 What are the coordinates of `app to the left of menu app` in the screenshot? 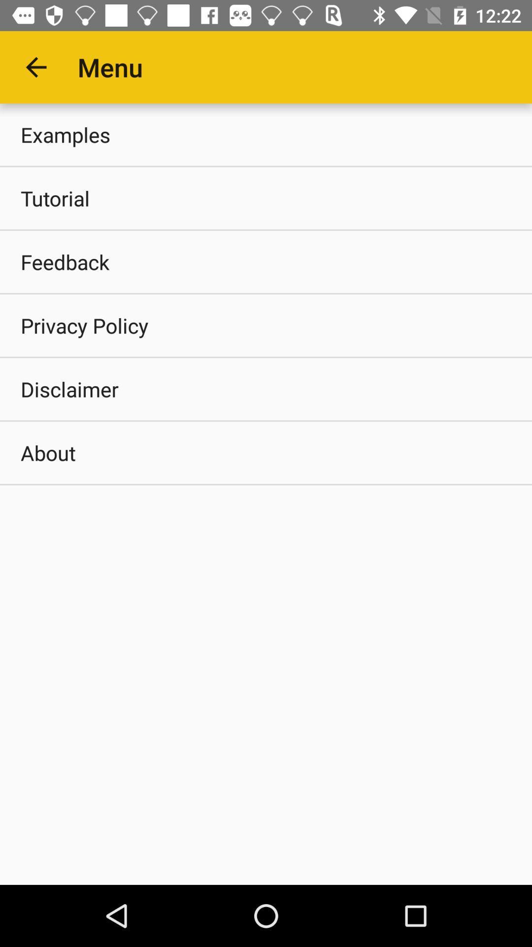 It's located at (35, 67).